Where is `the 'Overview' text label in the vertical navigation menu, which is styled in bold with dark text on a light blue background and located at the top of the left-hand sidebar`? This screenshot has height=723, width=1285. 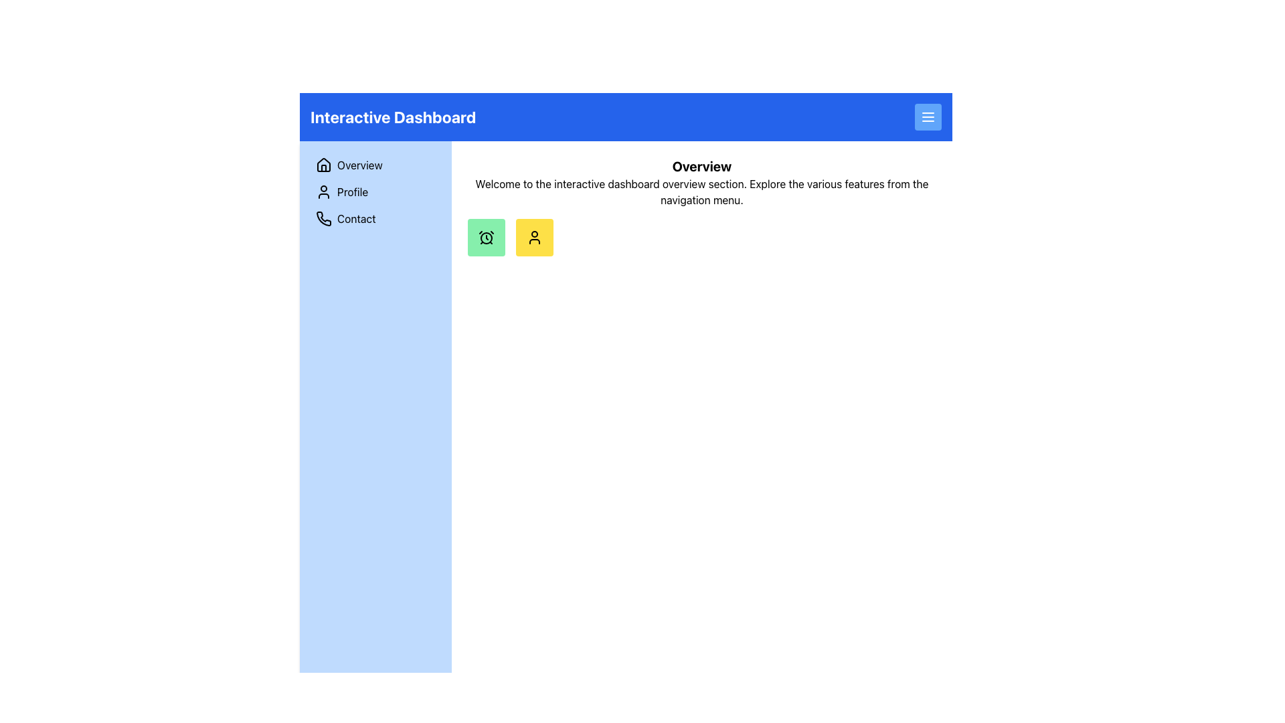 the 'Overview' text label in the vertical navigation menu, which is styled in bold with dark text on a light blue background and located at the top of the left-hand sidebar is located at coordinates (359, 164).